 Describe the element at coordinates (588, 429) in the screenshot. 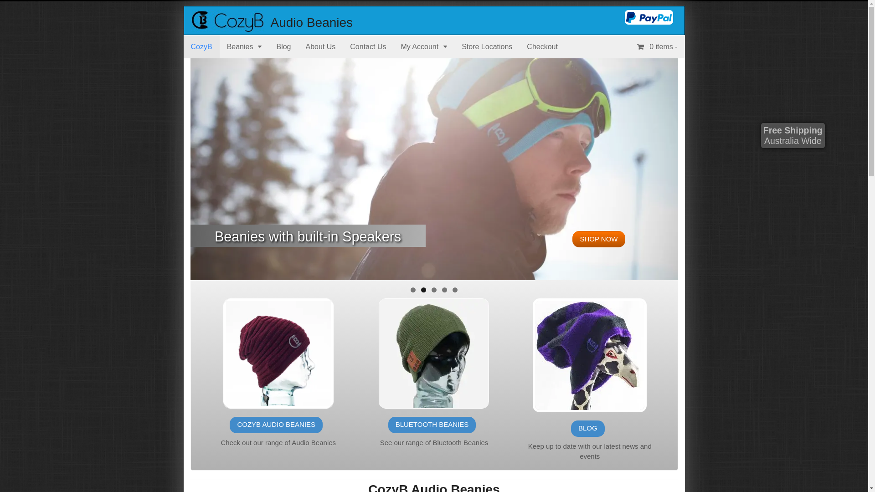

I see `'BLOG'` at that location.